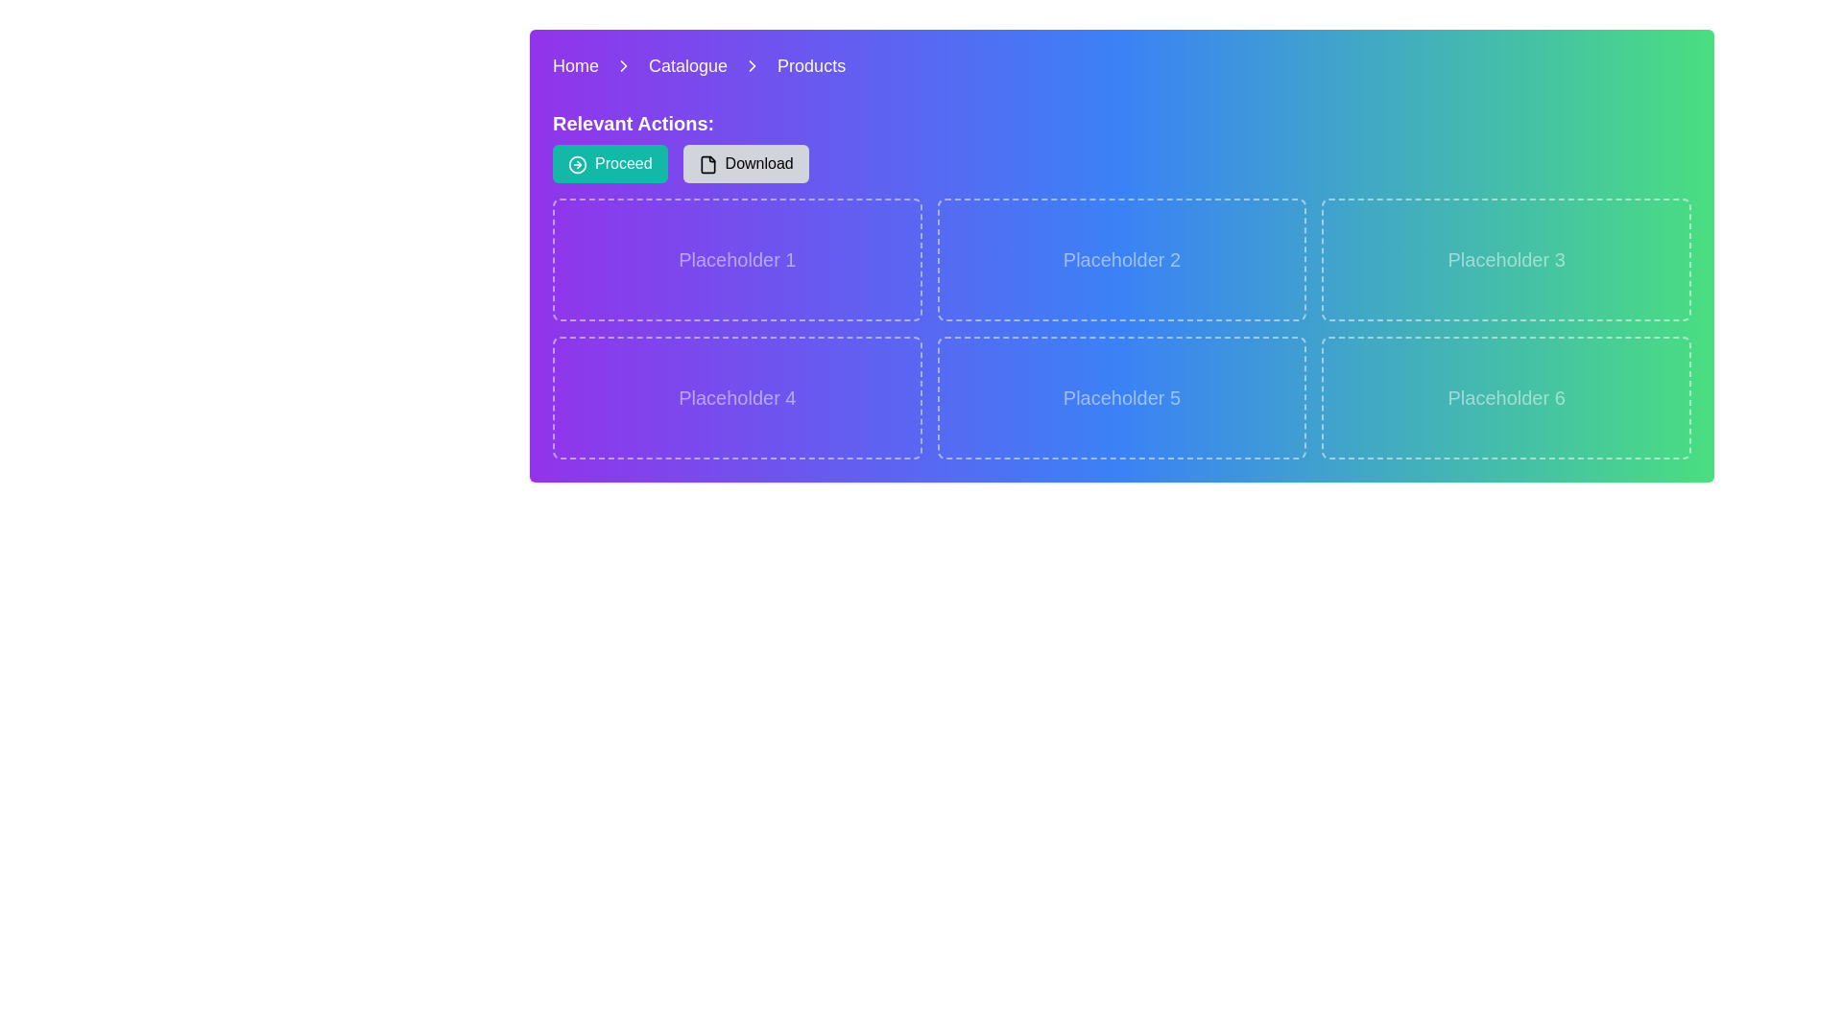 The image size is (1843, 1036). What do you see at coordinates (706, 163) in the screenshot?
I see `the symbolic content of the file icon outlined in a minimalistic design, positioned between the 'Proceed' and 'Download' buttons` at bounding box center [706, 163].